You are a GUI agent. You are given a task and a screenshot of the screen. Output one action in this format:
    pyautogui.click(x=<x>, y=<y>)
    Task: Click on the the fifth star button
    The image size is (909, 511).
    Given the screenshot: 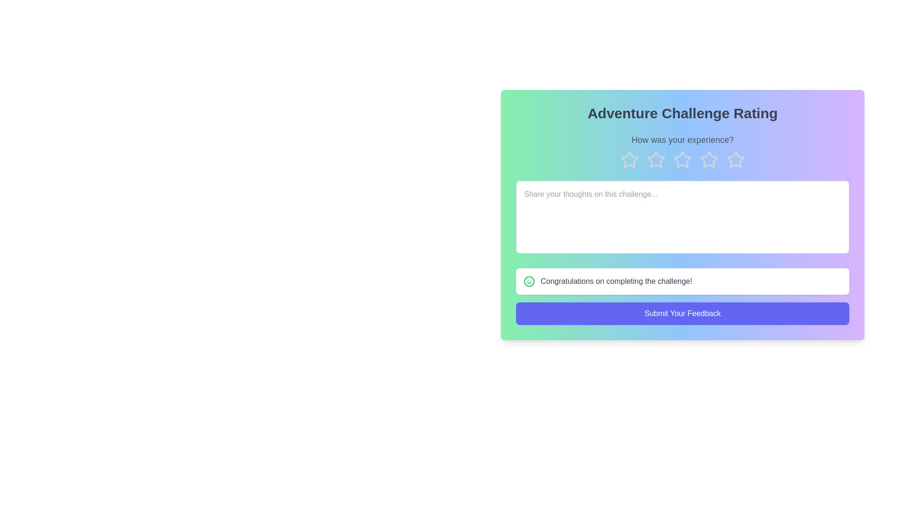 What is the action you would take?
    pyautogui.click(x=735, y=159)
    